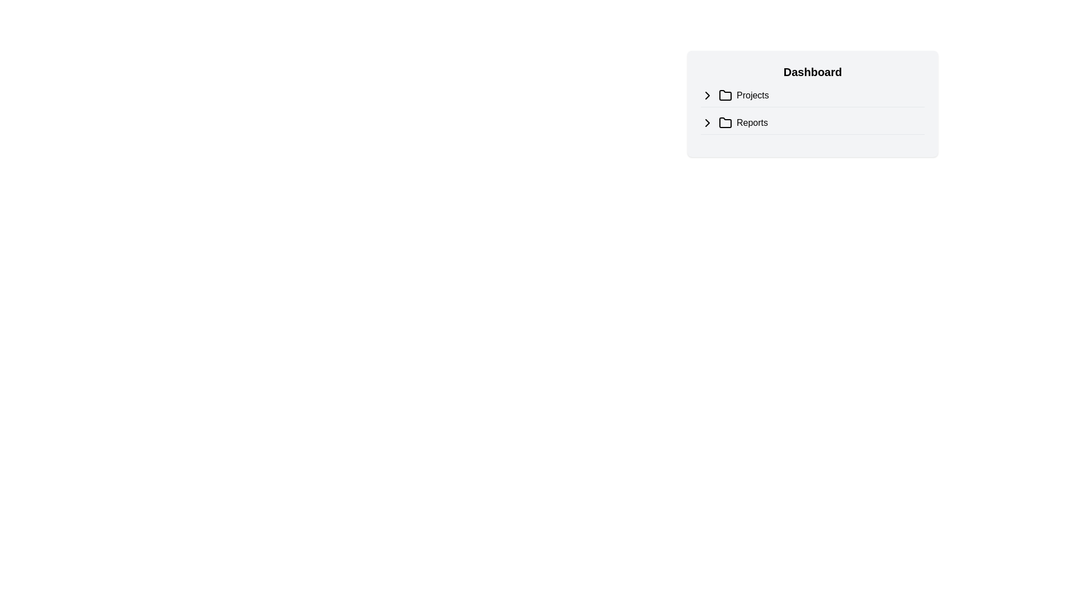 This screenshot has height=604, width=1074. I want to click on the black right chevron icon located to the left of the text 'Reports', so click(707, 122).